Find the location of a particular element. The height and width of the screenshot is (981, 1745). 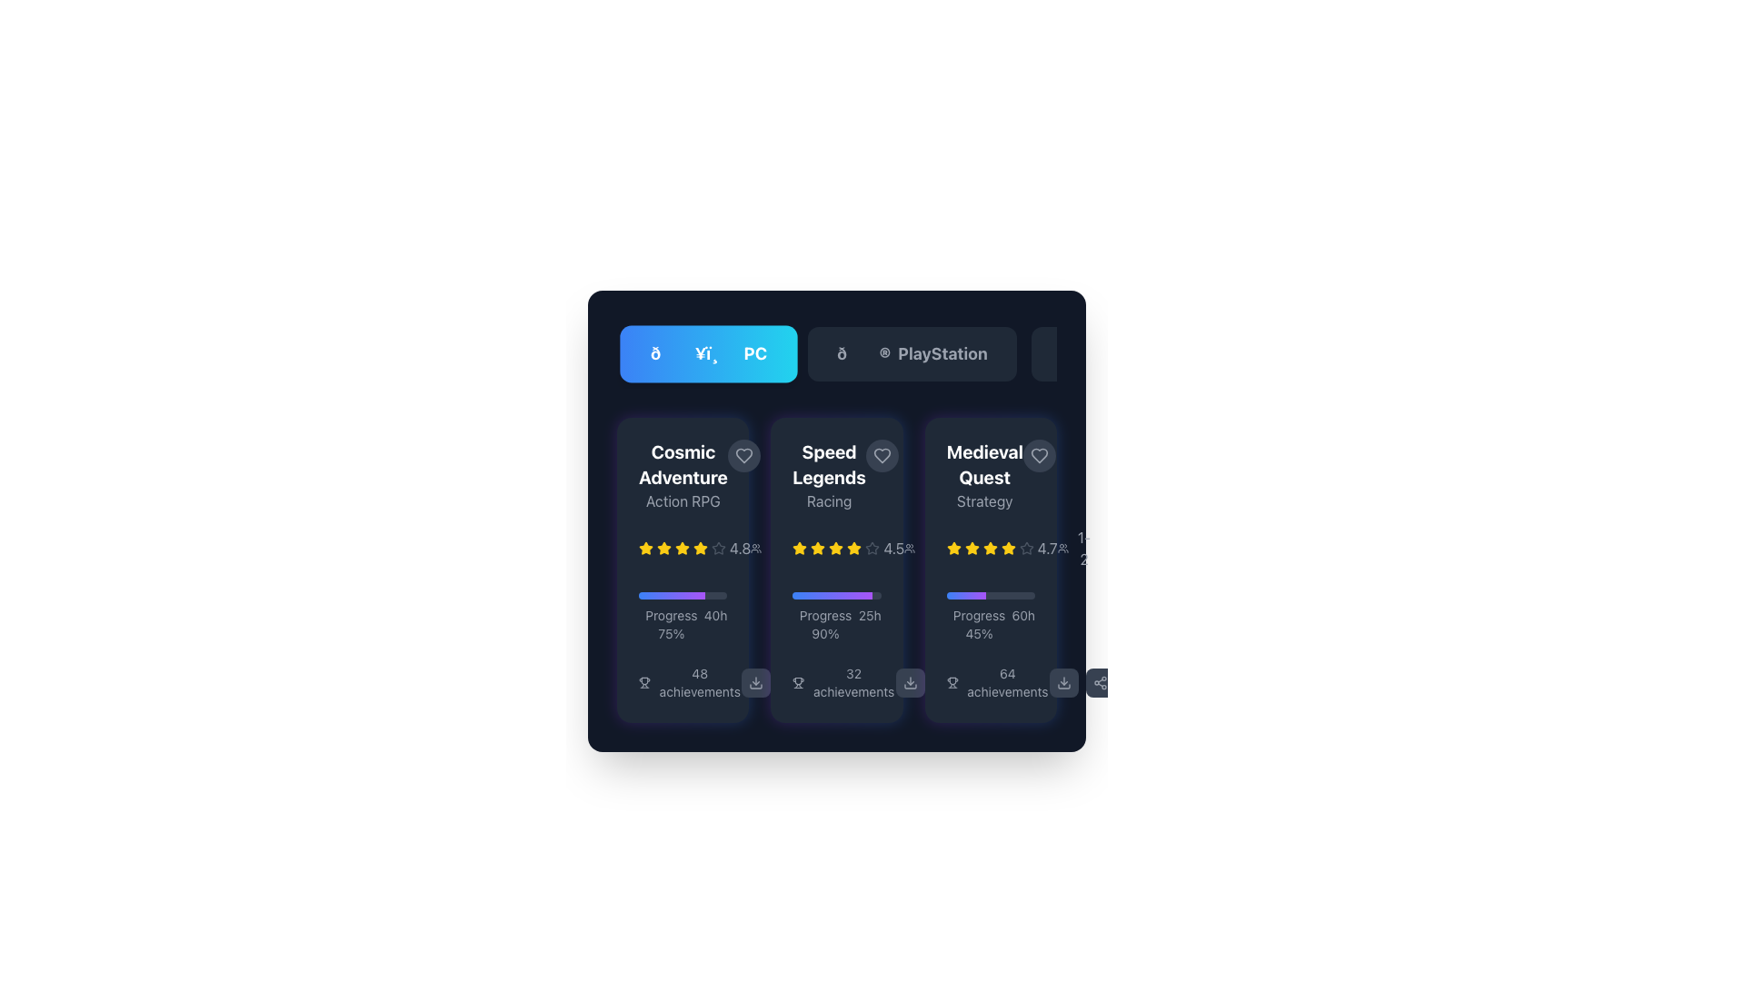

the 'PlayStation' text label within the button located in the control bar is located at coordinates (942, 353).